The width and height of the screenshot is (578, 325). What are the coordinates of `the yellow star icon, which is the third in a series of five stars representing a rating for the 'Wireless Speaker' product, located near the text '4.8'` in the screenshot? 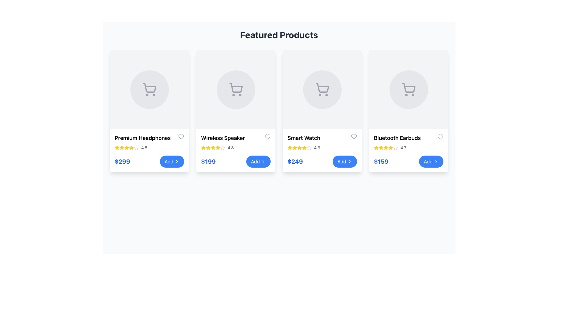 It's located at (208, 147).